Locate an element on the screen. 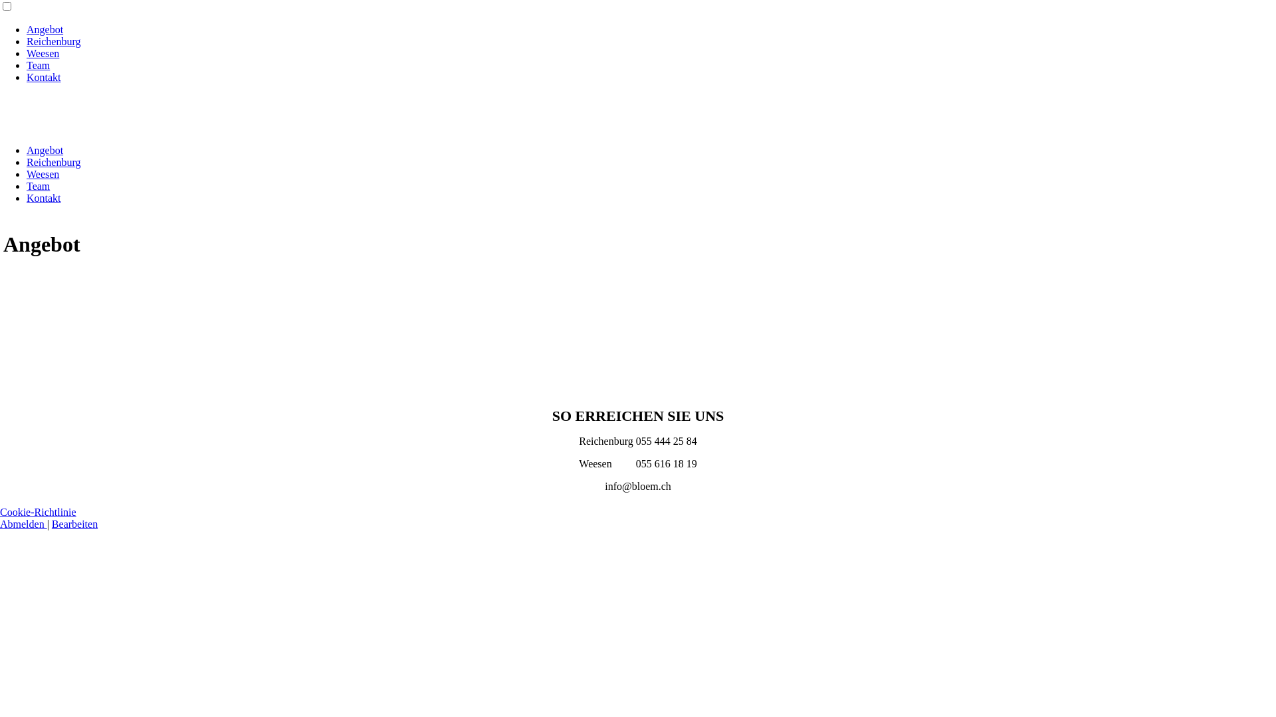 The image size is (1276, 717). 'Weesen' is located at coordinates (43, 52).